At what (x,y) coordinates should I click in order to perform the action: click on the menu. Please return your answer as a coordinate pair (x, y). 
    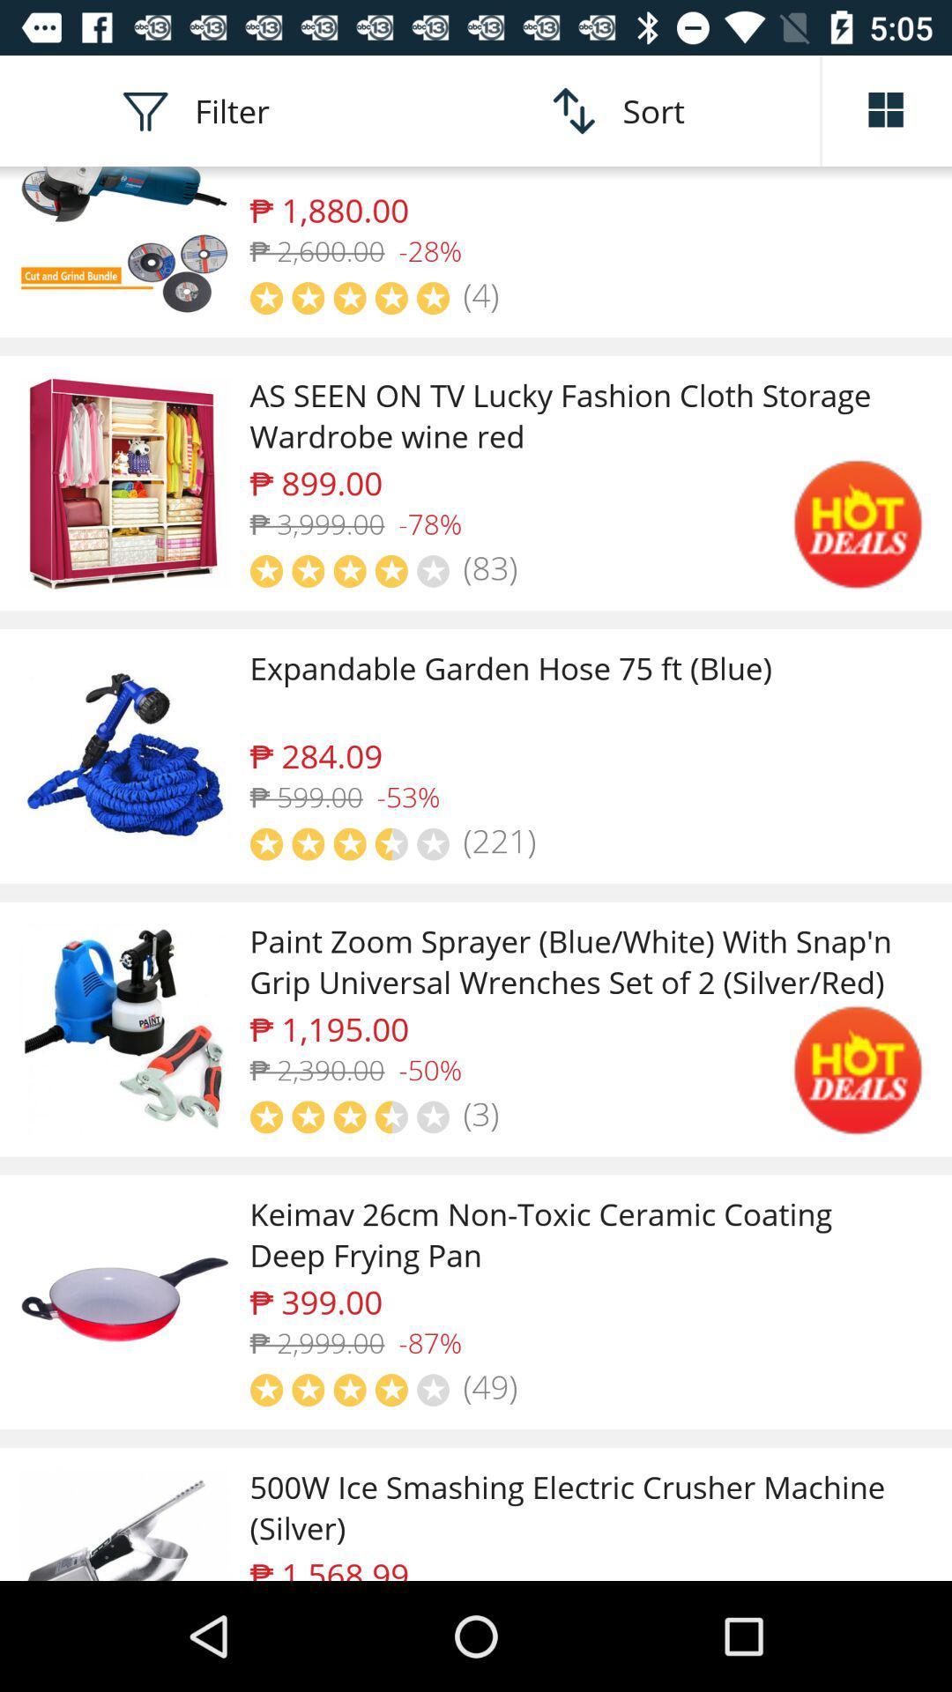
    Looking at the image, I should click on (887, 109).